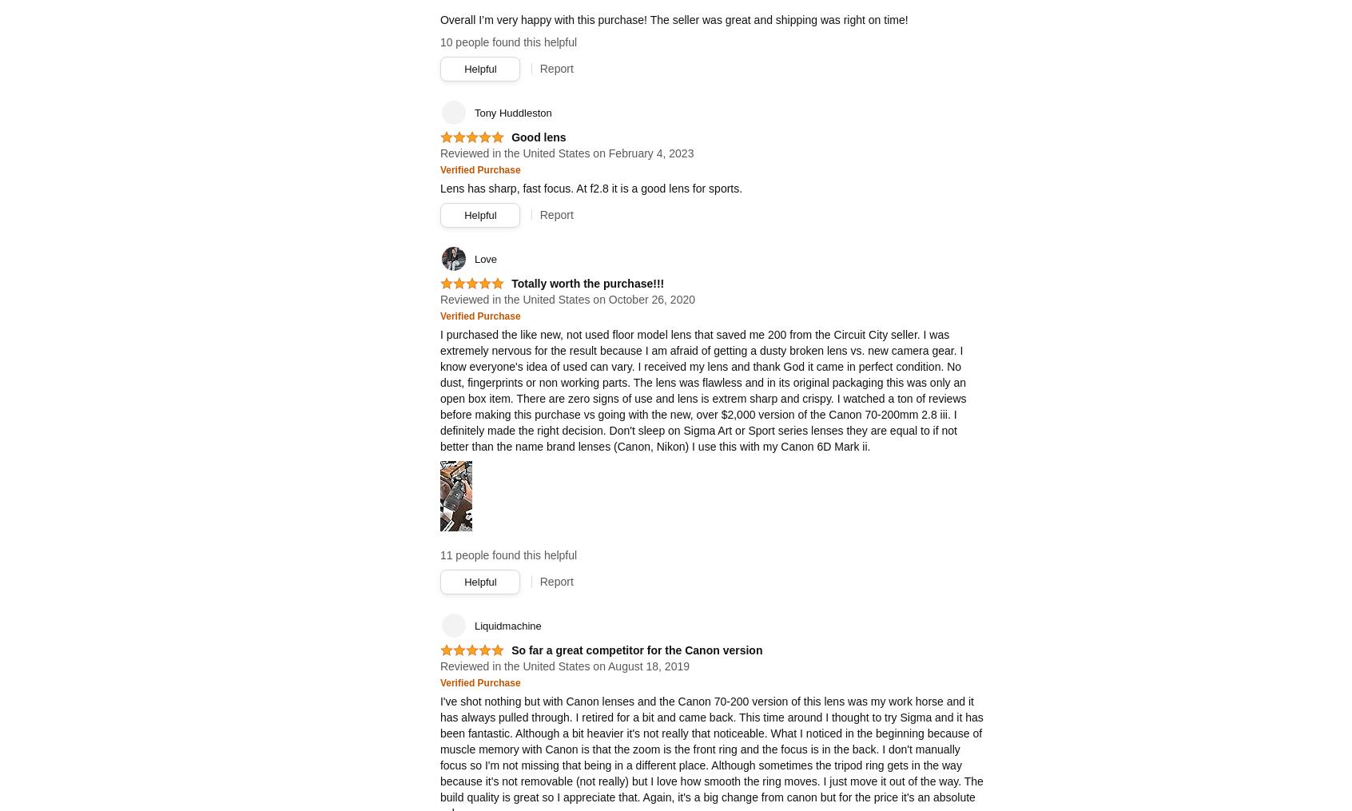 This screenshot has height=811, width=1352. I want to click on '11 people found this helpful', so click(508, 555).